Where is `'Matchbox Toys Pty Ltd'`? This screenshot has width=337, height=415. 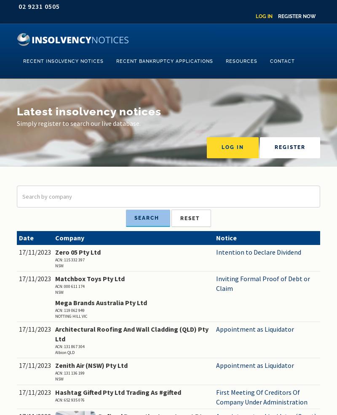 'Matchbox Toys Pty Ltd' is located at coordinates (55, 278).